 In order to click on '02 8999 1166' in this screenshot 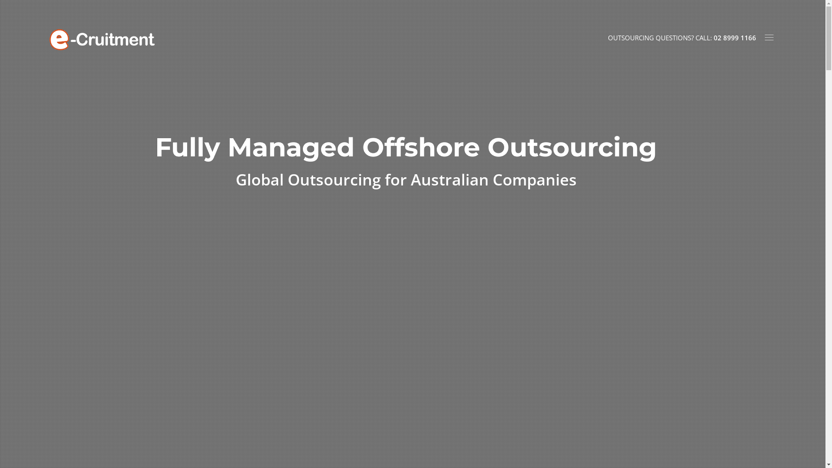, I will do `click(734, 37)`.